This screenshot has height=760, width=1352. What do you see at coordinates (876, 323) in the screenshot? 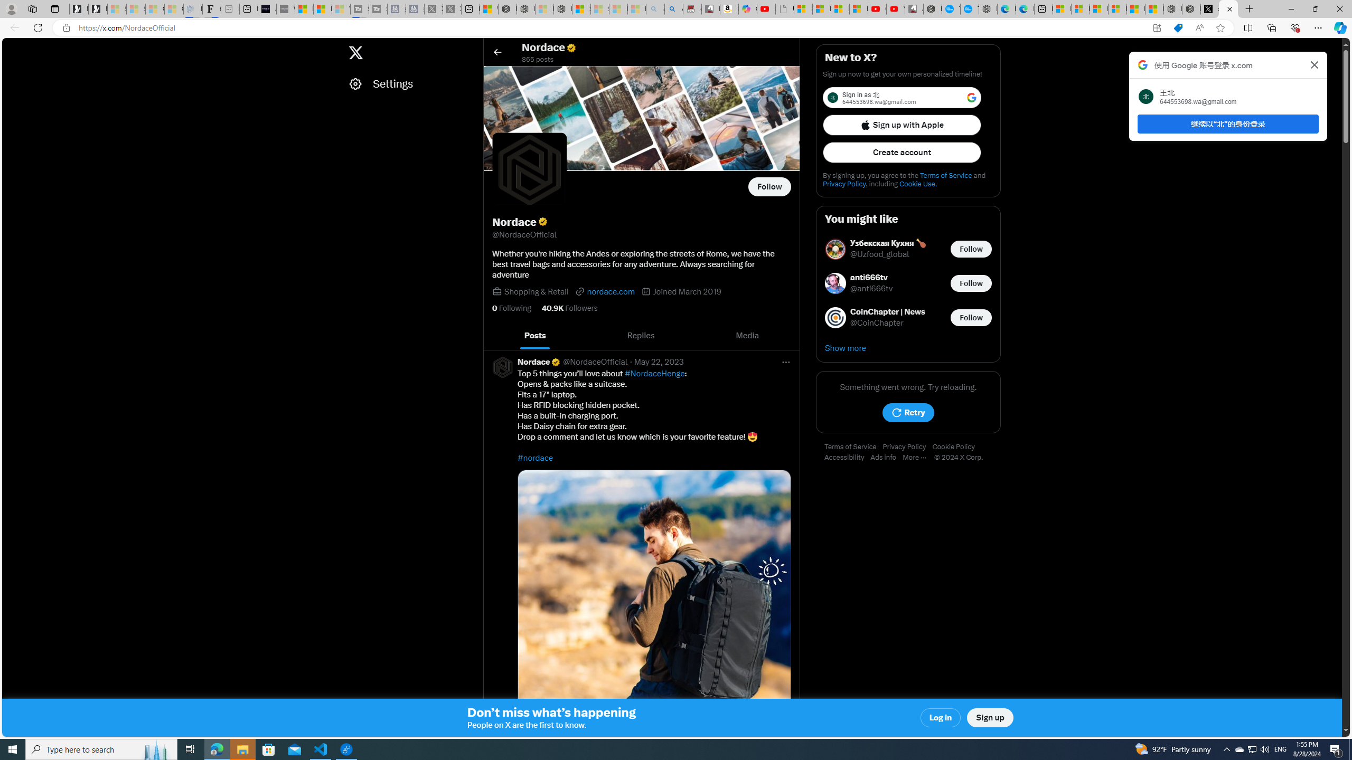
I see `'@CoinChapter'` at bounding box center [876, 323].